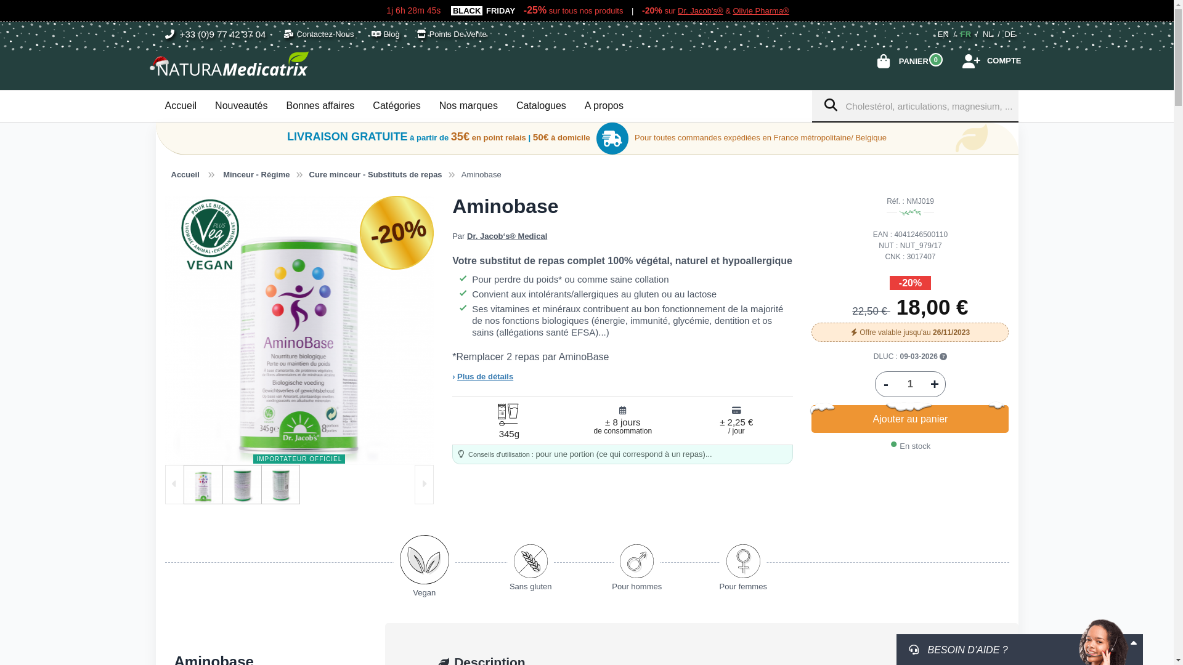 The height and width of the screenshot is (665, 1183). What do you see at coordinates (980, 61) in the screenshot?
I see `'COMPTE'` at bounding box center [980, 61].